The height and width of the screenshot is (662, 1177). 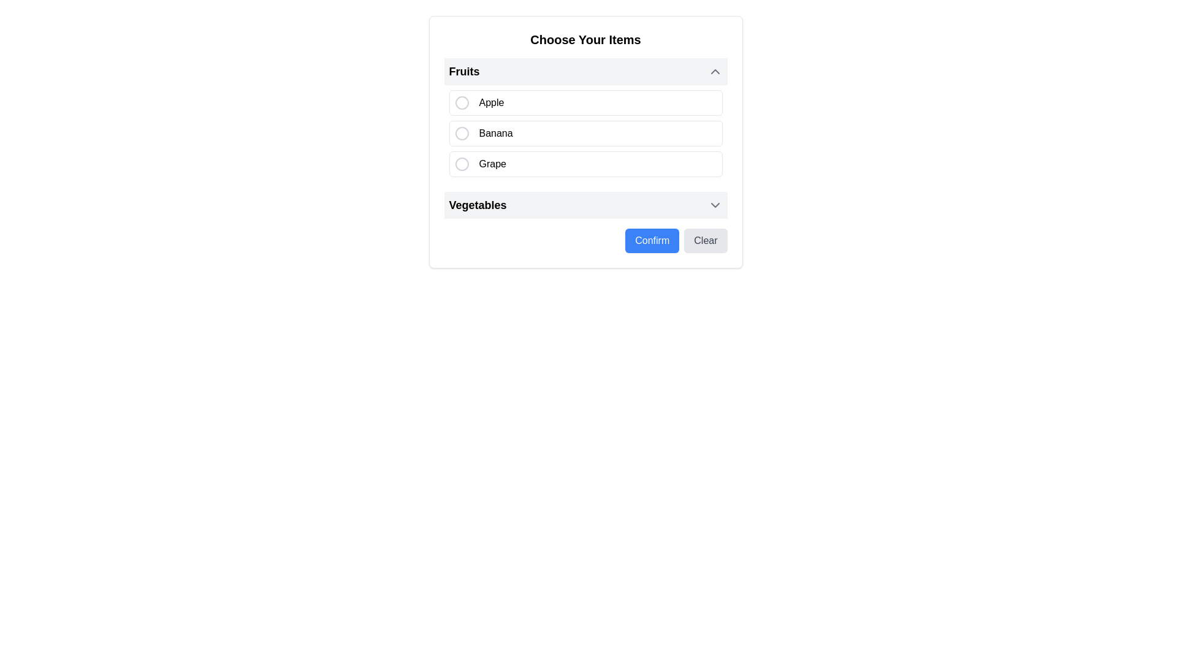 I want to click on text content 'Grape' from the third item in the 'Fruits' section, which is labeled by the text label adjacent to the circular control, so click(x=492, y=163).